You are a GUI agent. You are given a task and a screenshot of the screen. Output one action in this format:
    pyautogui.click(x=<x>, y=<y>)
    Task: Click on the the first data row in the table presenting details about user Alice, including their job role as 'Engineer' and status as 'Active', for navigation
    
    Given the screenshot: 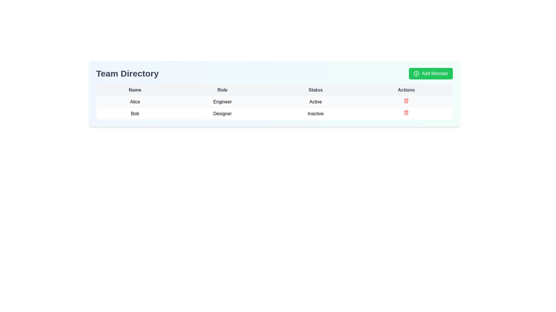 What is the action you would take?
    pyautogui.click(x=274, y=108)
    